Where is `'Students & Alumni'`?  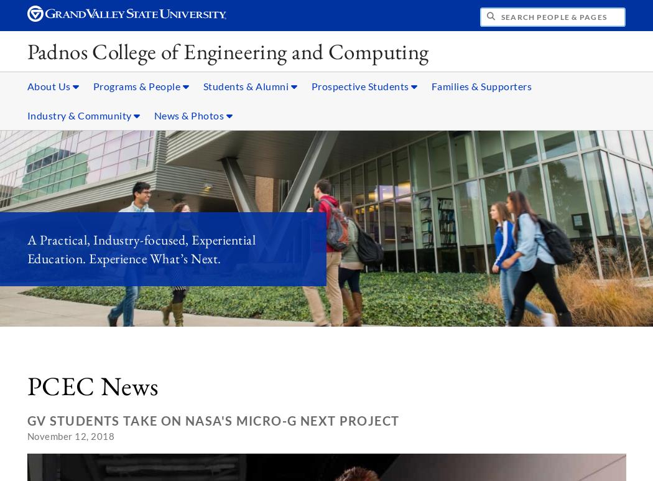 'Students & Alumni' is located at coordinates (246, 85).